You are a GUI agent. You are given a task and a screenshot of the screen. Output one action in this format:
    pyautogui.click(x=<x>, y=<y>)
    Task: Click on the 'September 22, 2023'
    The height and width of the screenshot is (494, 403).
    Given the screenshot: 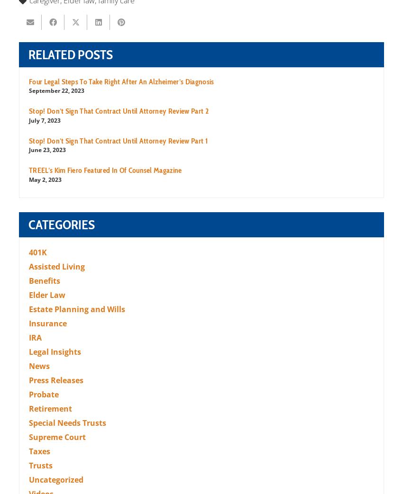 What is the action you would take?
    pyautogui.click(x=29, y=90)
    